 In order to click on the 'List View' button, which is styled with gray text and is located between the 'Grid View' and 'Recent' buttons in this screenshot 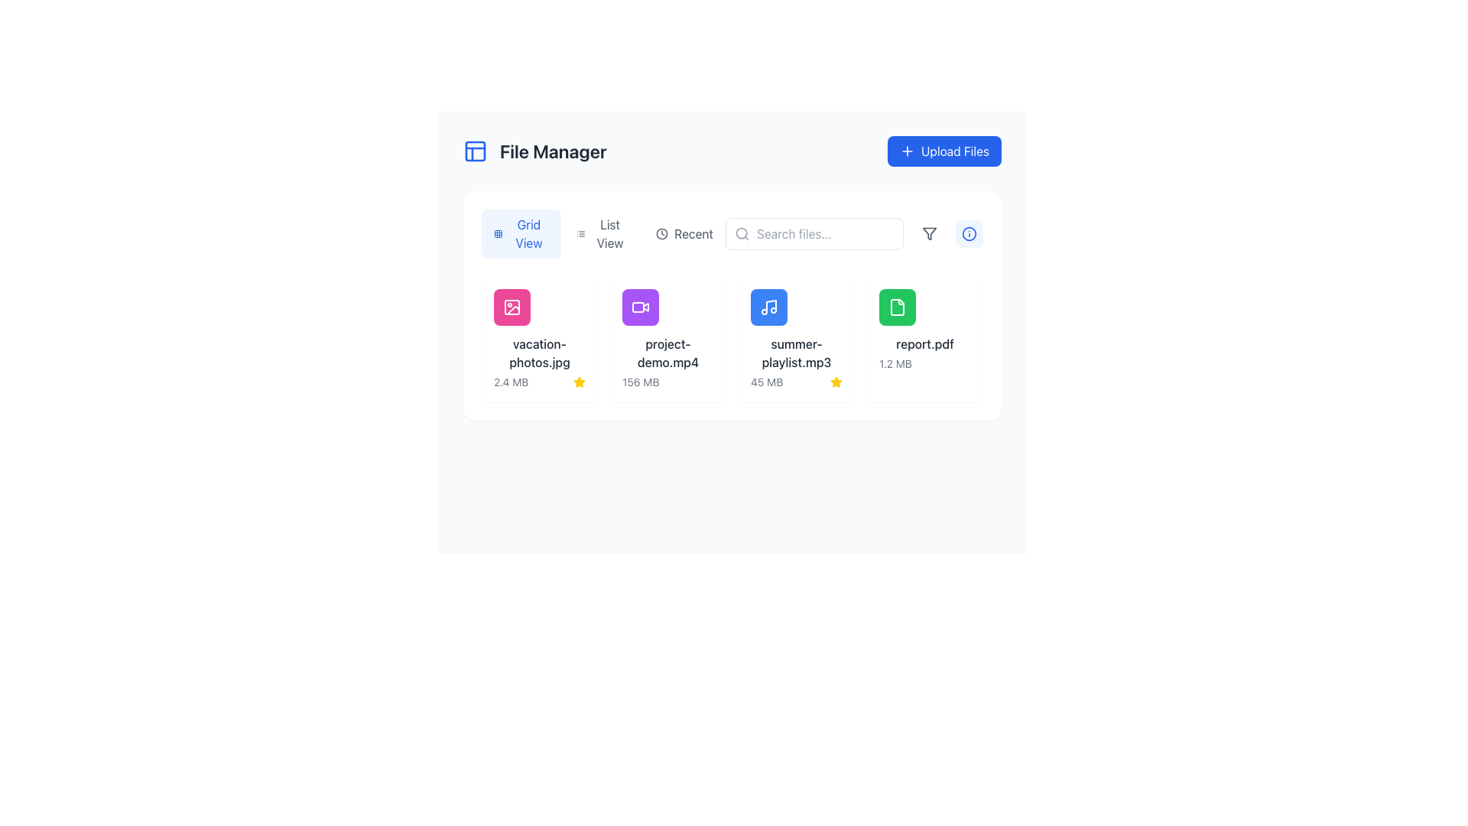, I will do `click(602, 233)`.